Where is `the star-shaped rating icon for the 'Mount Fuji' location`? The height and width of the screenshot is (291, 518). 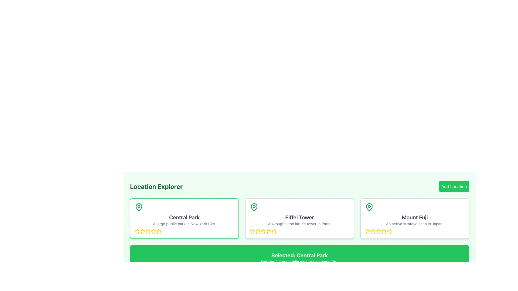 the star-shaped rating icon for the 'Mount Fuji' location is located at coordinates (367, 231).